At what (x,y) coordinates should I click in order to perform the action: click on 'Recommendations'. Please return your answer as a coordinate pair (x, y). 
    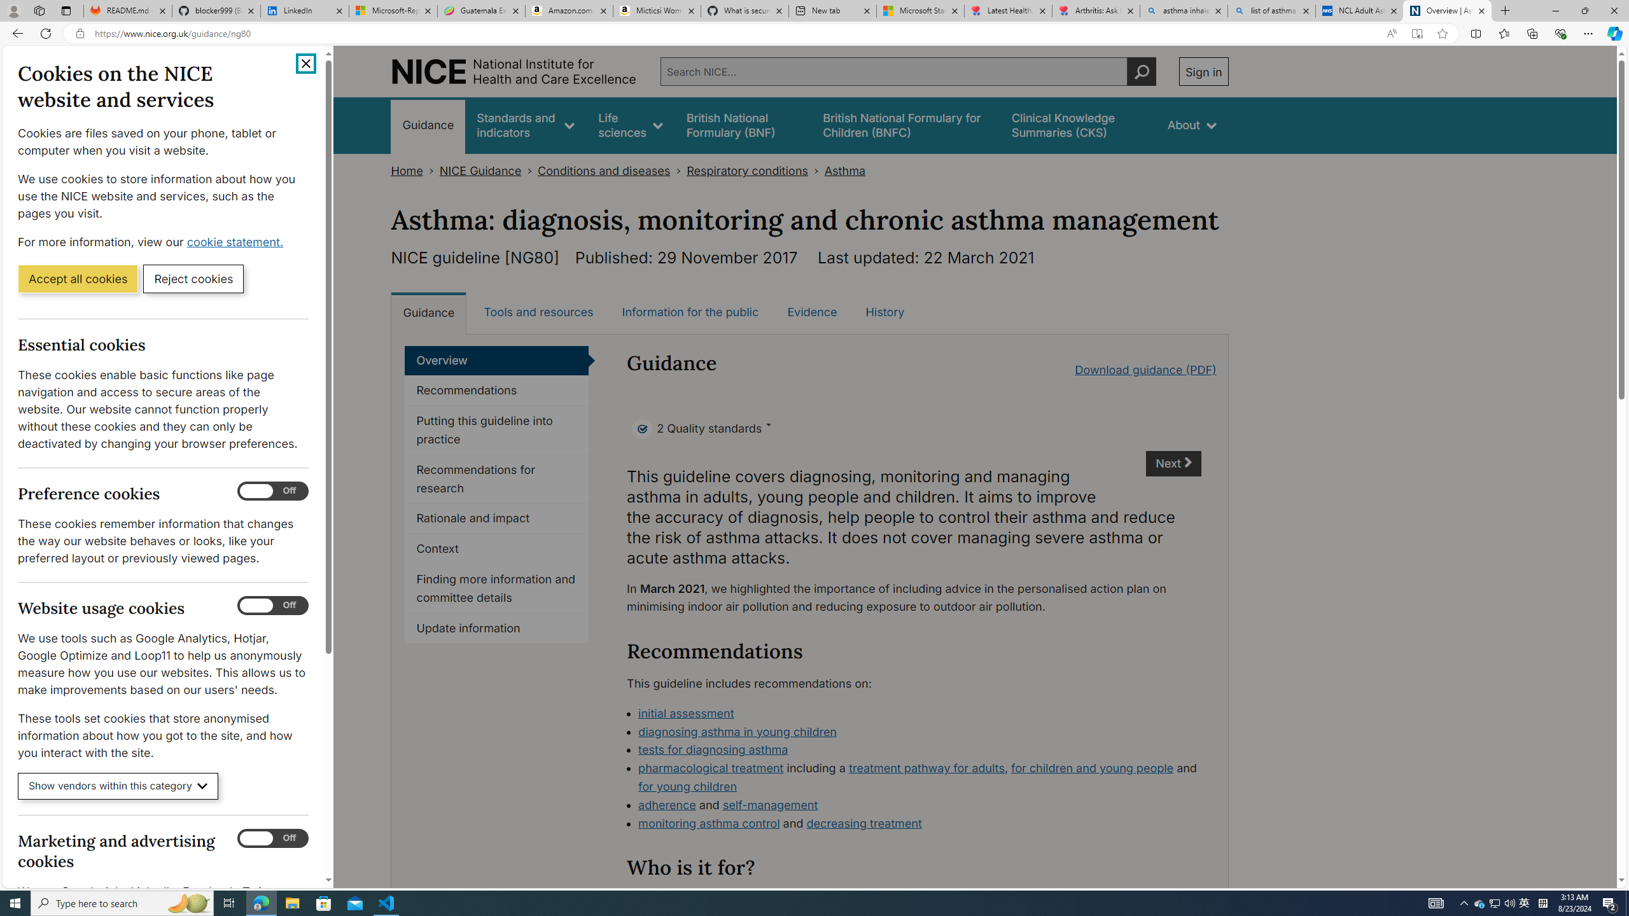
    Looking at the image, I should click on (496, 390).